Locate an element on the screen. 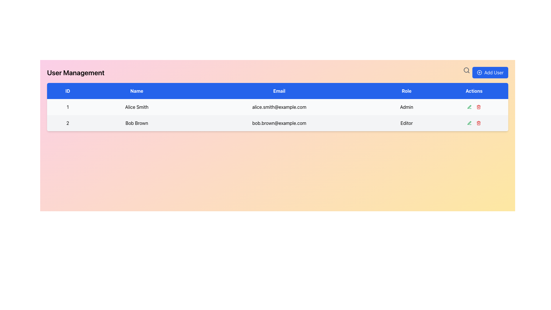 The image size is (551, 310). the text label displaying the email address 'bob.brown@example.com' in the third column of the table row identified by '2', which contains the name 'Bob Brown' and the role 'Editor' is located at coordinates (279, 123).